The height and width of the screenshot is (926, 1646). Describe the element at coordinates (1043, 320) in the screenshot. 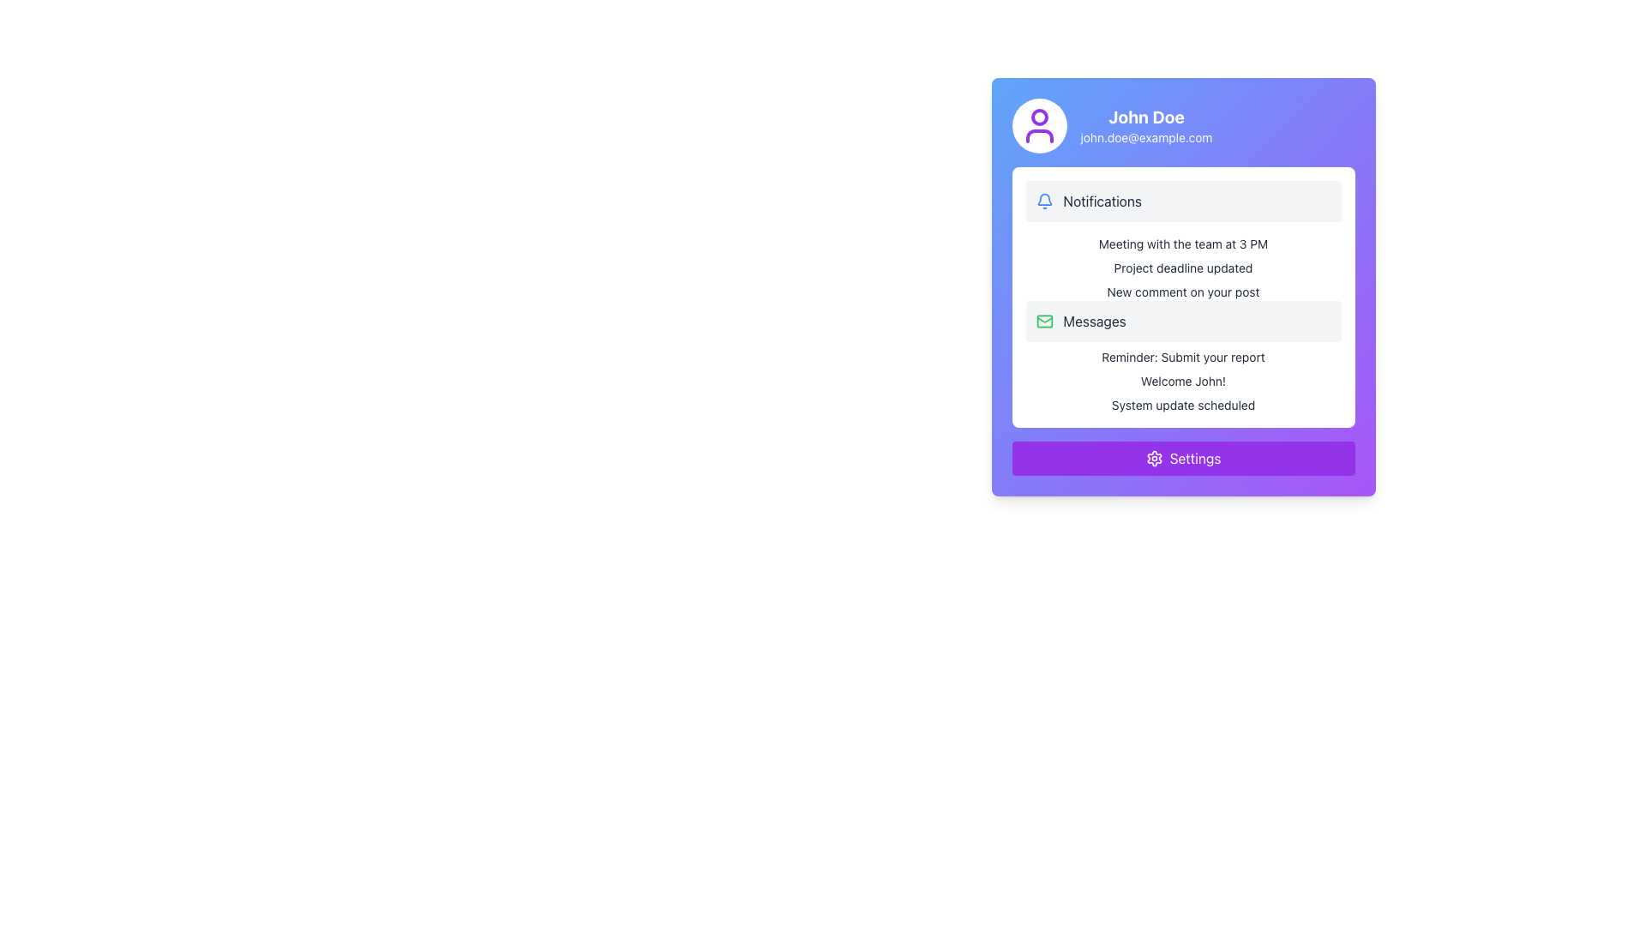

I see `the green curved line resembling an envelope's flap, which is part of the mail envelope icon in the 'Messages' section` at that location.